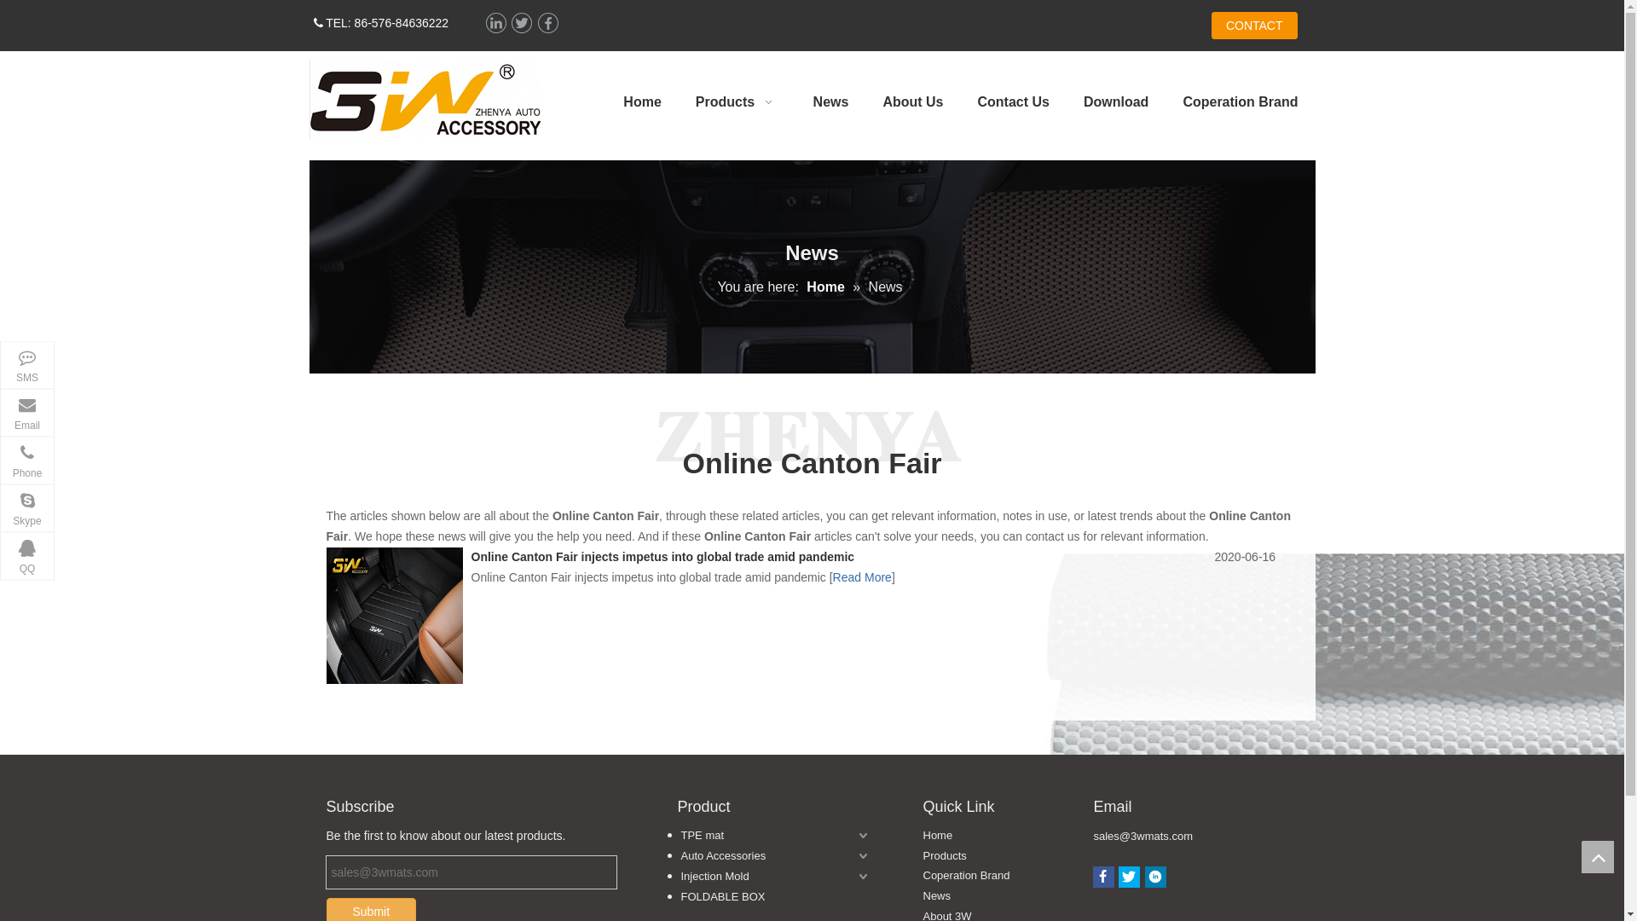  Describe the element at coordinates (547, 23) in the screenshot. I see `'Facebook'` at that location.